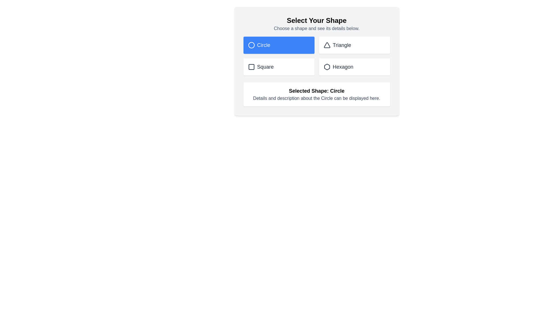 The width and height of the screenshot is (550, 309). What do you see at coordinates (279, 45) in the screenshot?
I see `the 'Circle' button located at the top-left position of the grid` at bounding box center [279, 45].